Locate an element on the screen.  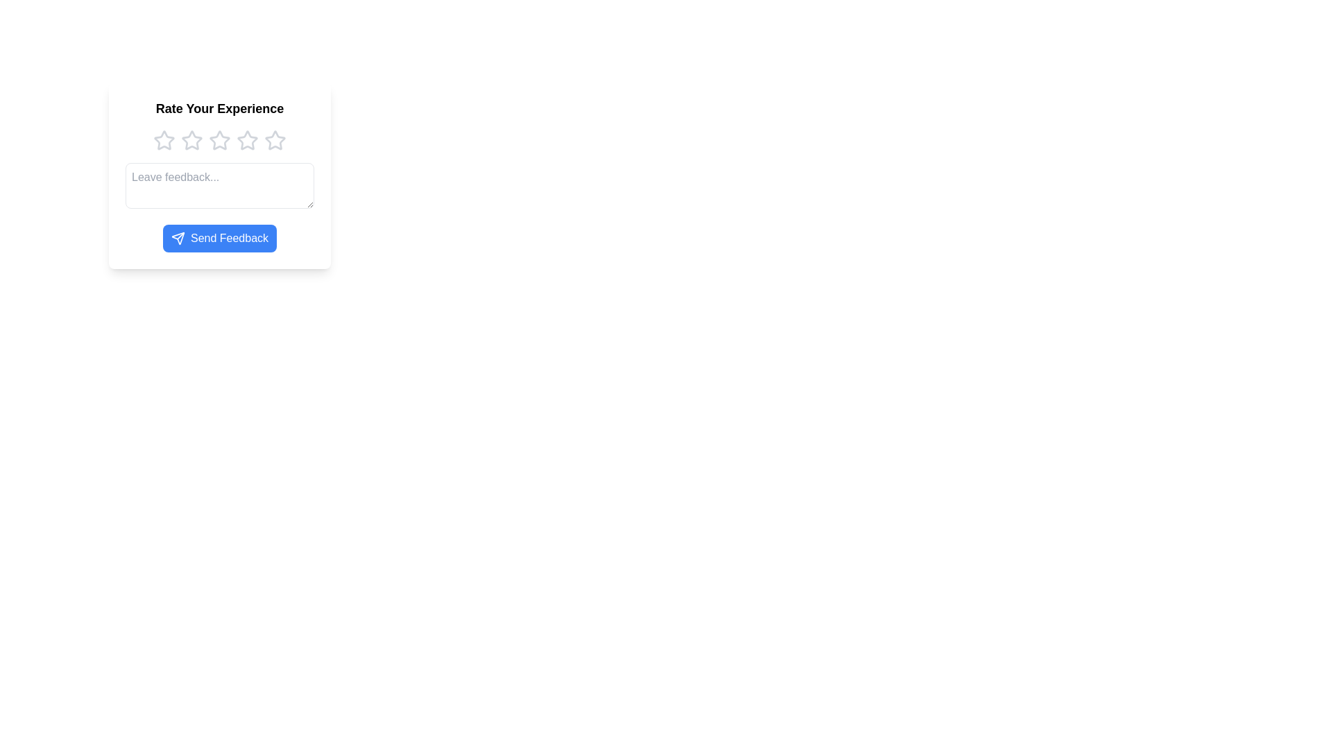
the second interactive star icon in the horizontal row for keyboard navigation is located at coordinates (219, 140).